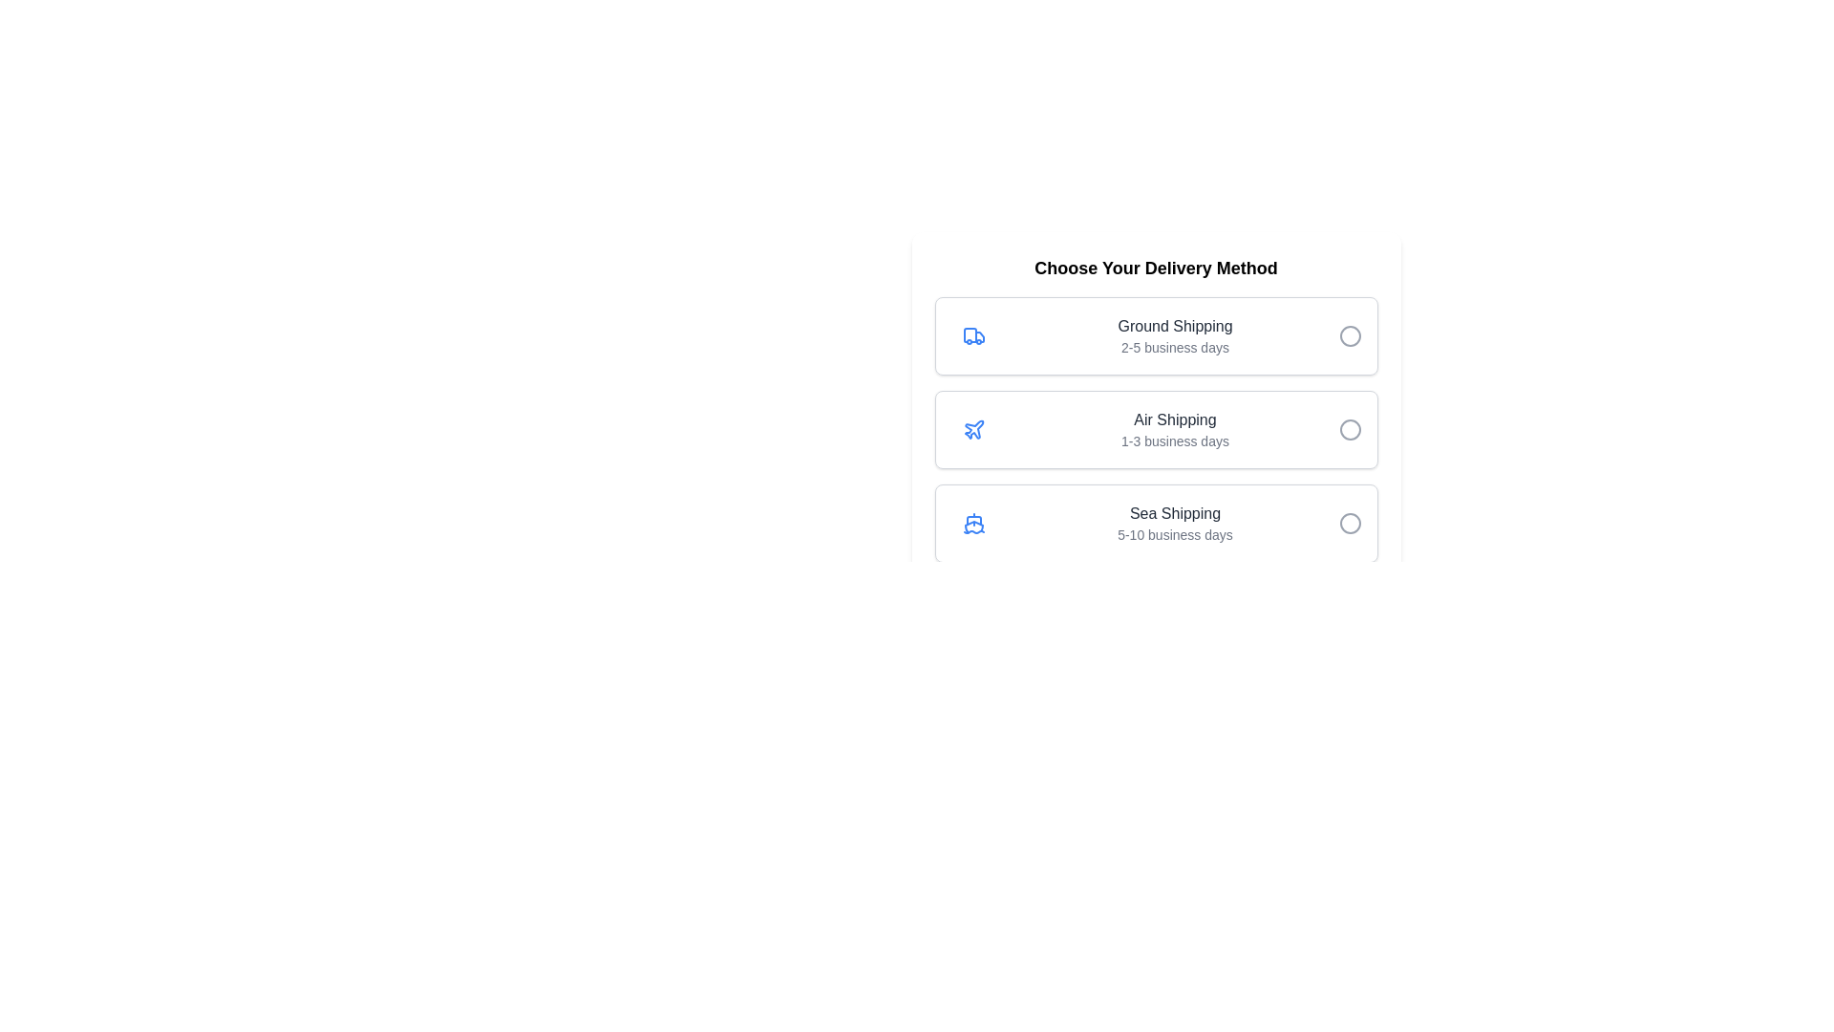  Describe the element at coordinates (1174, 419) in the screenshot. I see `the static text label reading 'Air Shipping', which is styled in dark gray and positioned in the middle of the card under 'Choose Your Delivery Method'` at that location.